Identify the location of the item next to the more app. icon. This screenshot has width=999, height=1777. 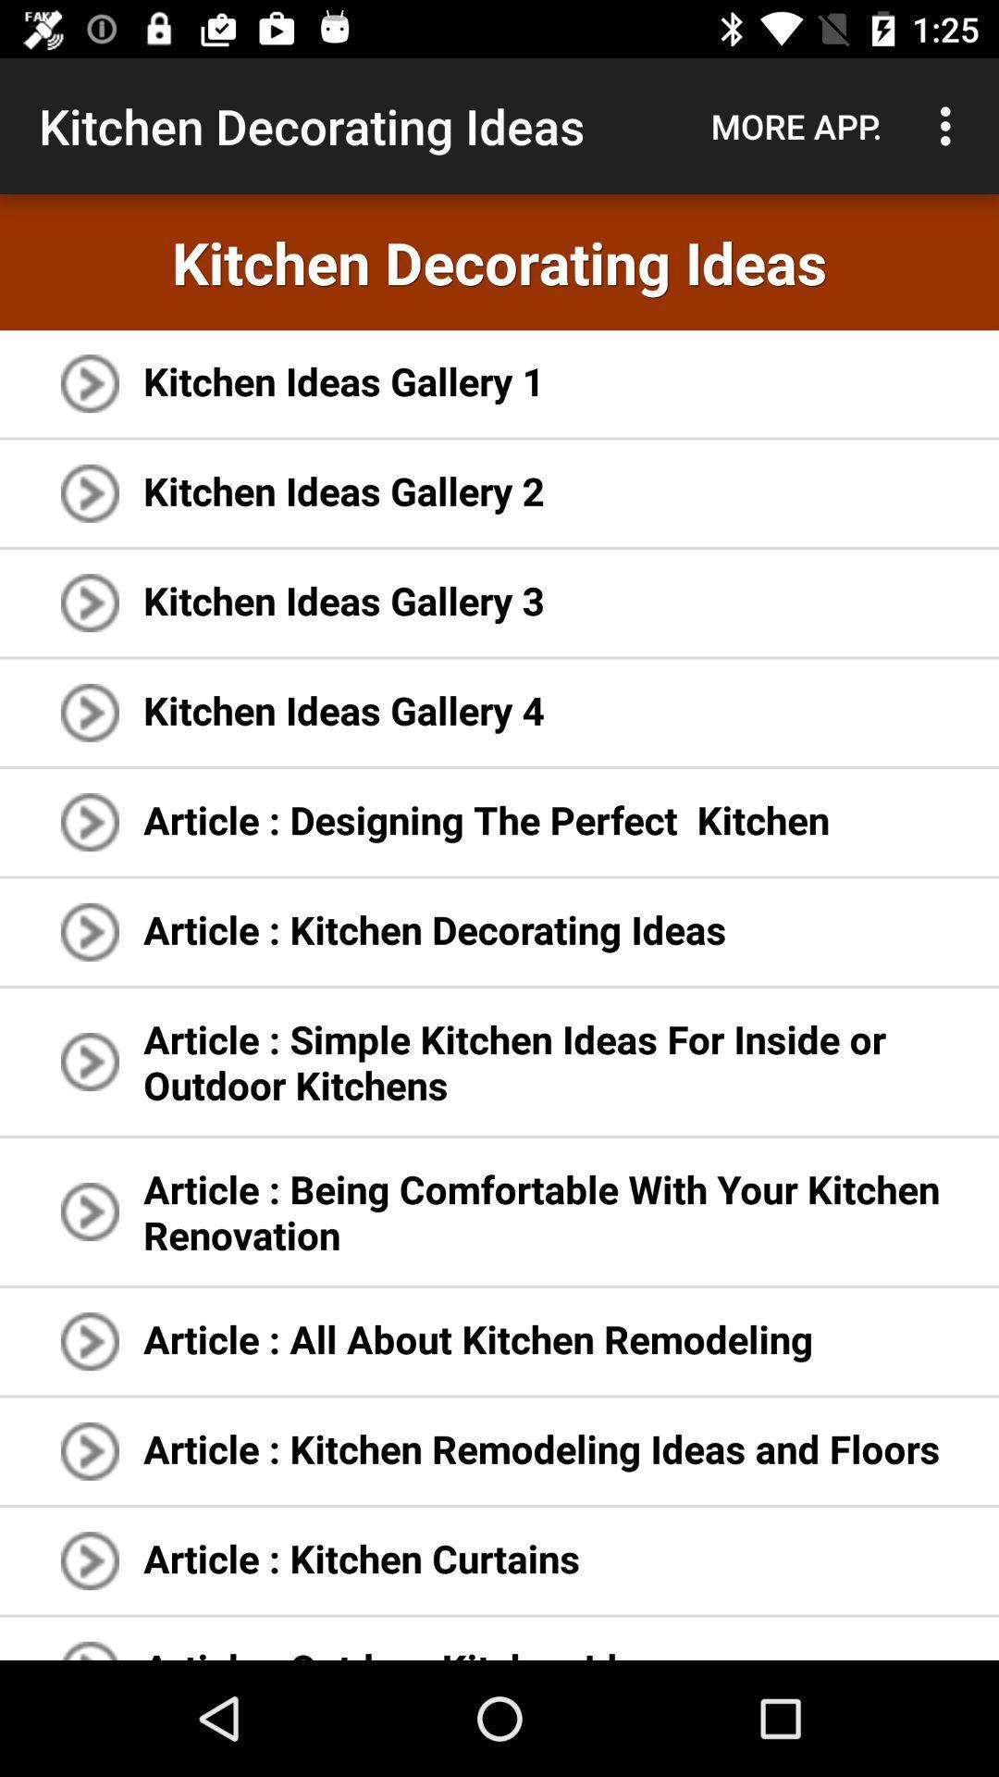
(950, 125).